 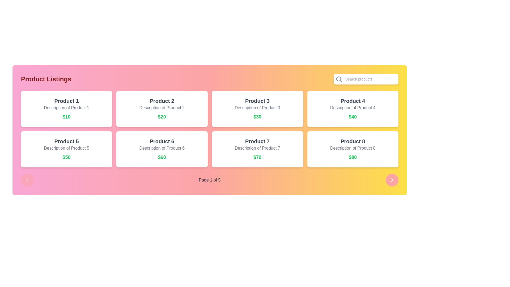 I want to click on the Card element that represents a product, located in the first row, second column of the grid layout, for more details, so click(x=161, y=108).